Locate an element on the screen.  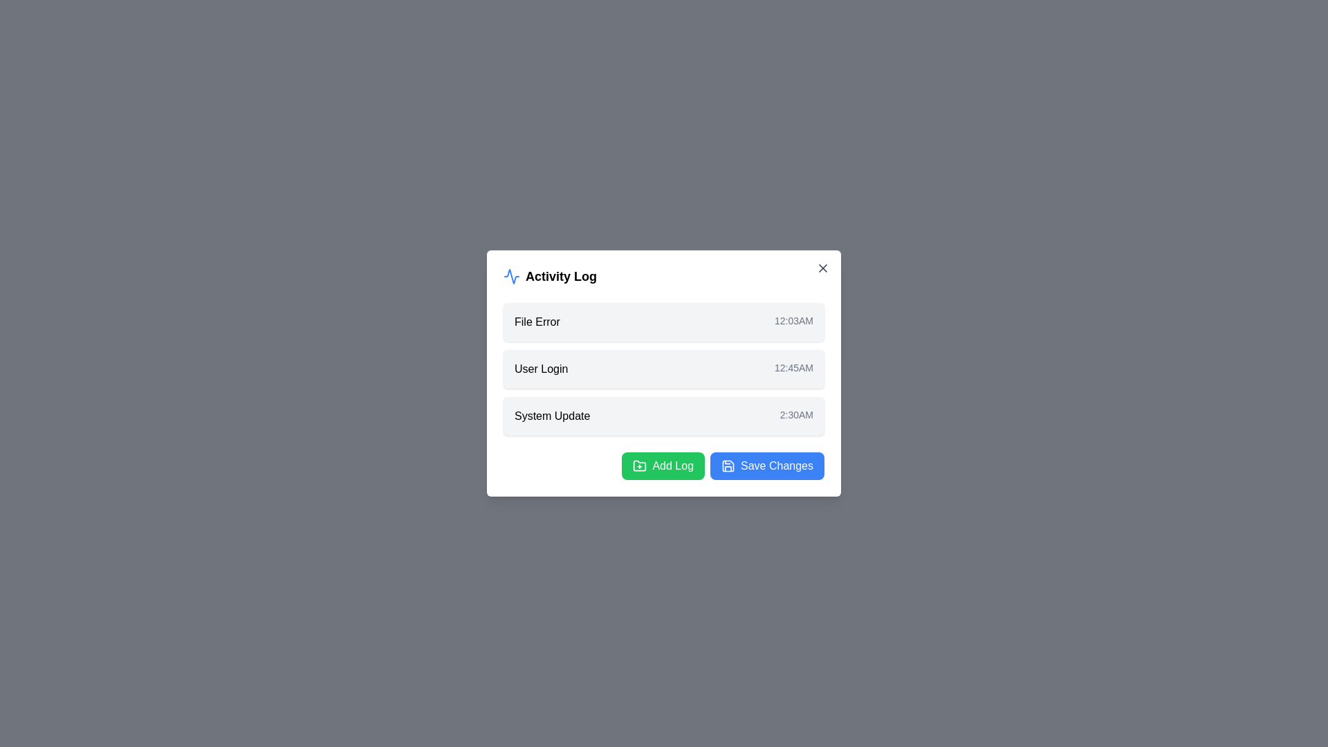
the log entry corresponding to User Login to inspect it is located at coordinates (664, 368).